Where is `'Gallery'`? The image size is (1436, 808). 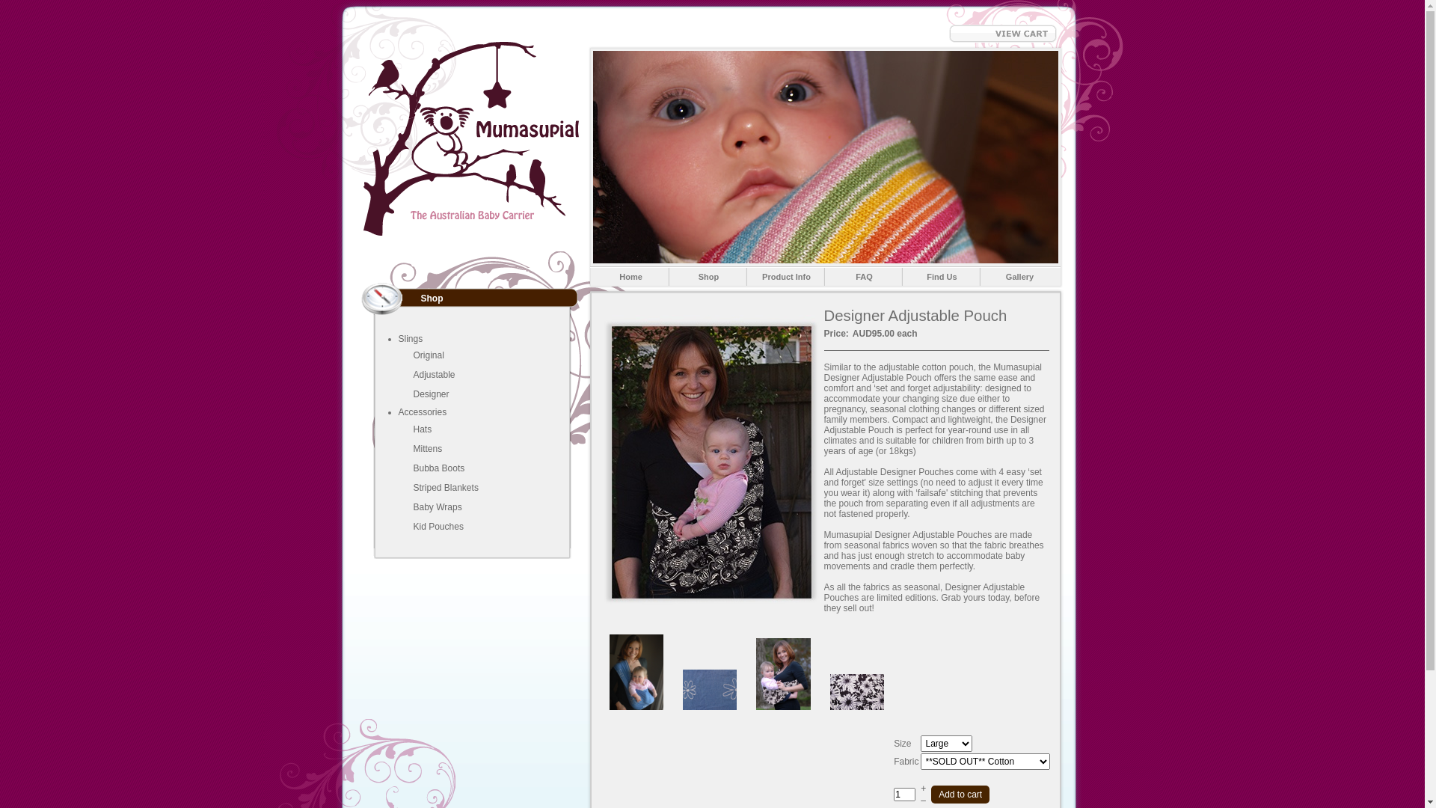
'Gallery' is located at coordinates (1019, 278).